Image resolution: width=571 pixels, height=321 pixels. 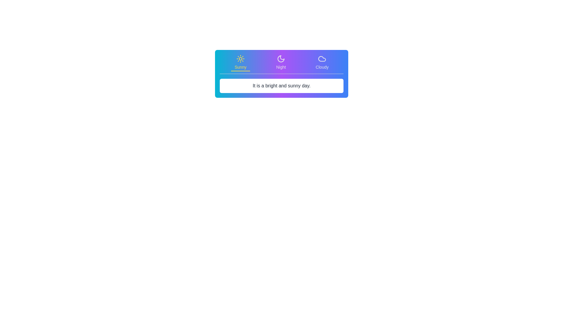 I want to click on the sun icon, which is the first of three weather-related icons positioned above the text 'Sunny' in the weather selection interface, so click(x=240, y=59).